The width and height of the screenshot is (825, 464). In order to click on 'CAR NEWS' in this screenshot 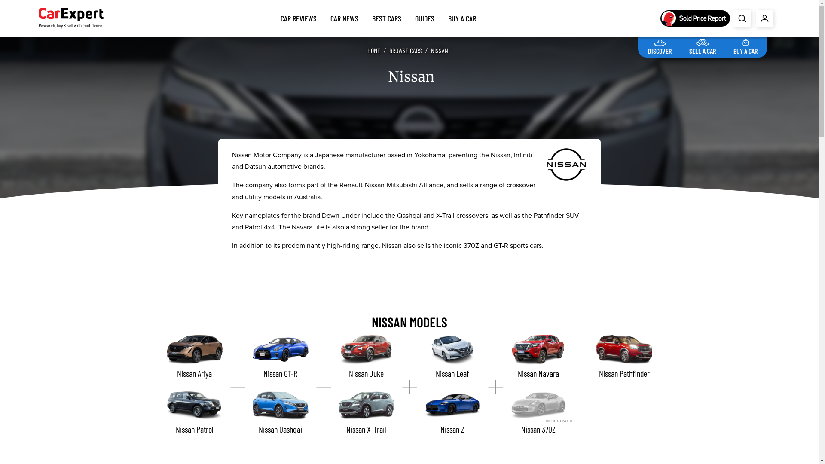, I will do `click(344, 16)`.